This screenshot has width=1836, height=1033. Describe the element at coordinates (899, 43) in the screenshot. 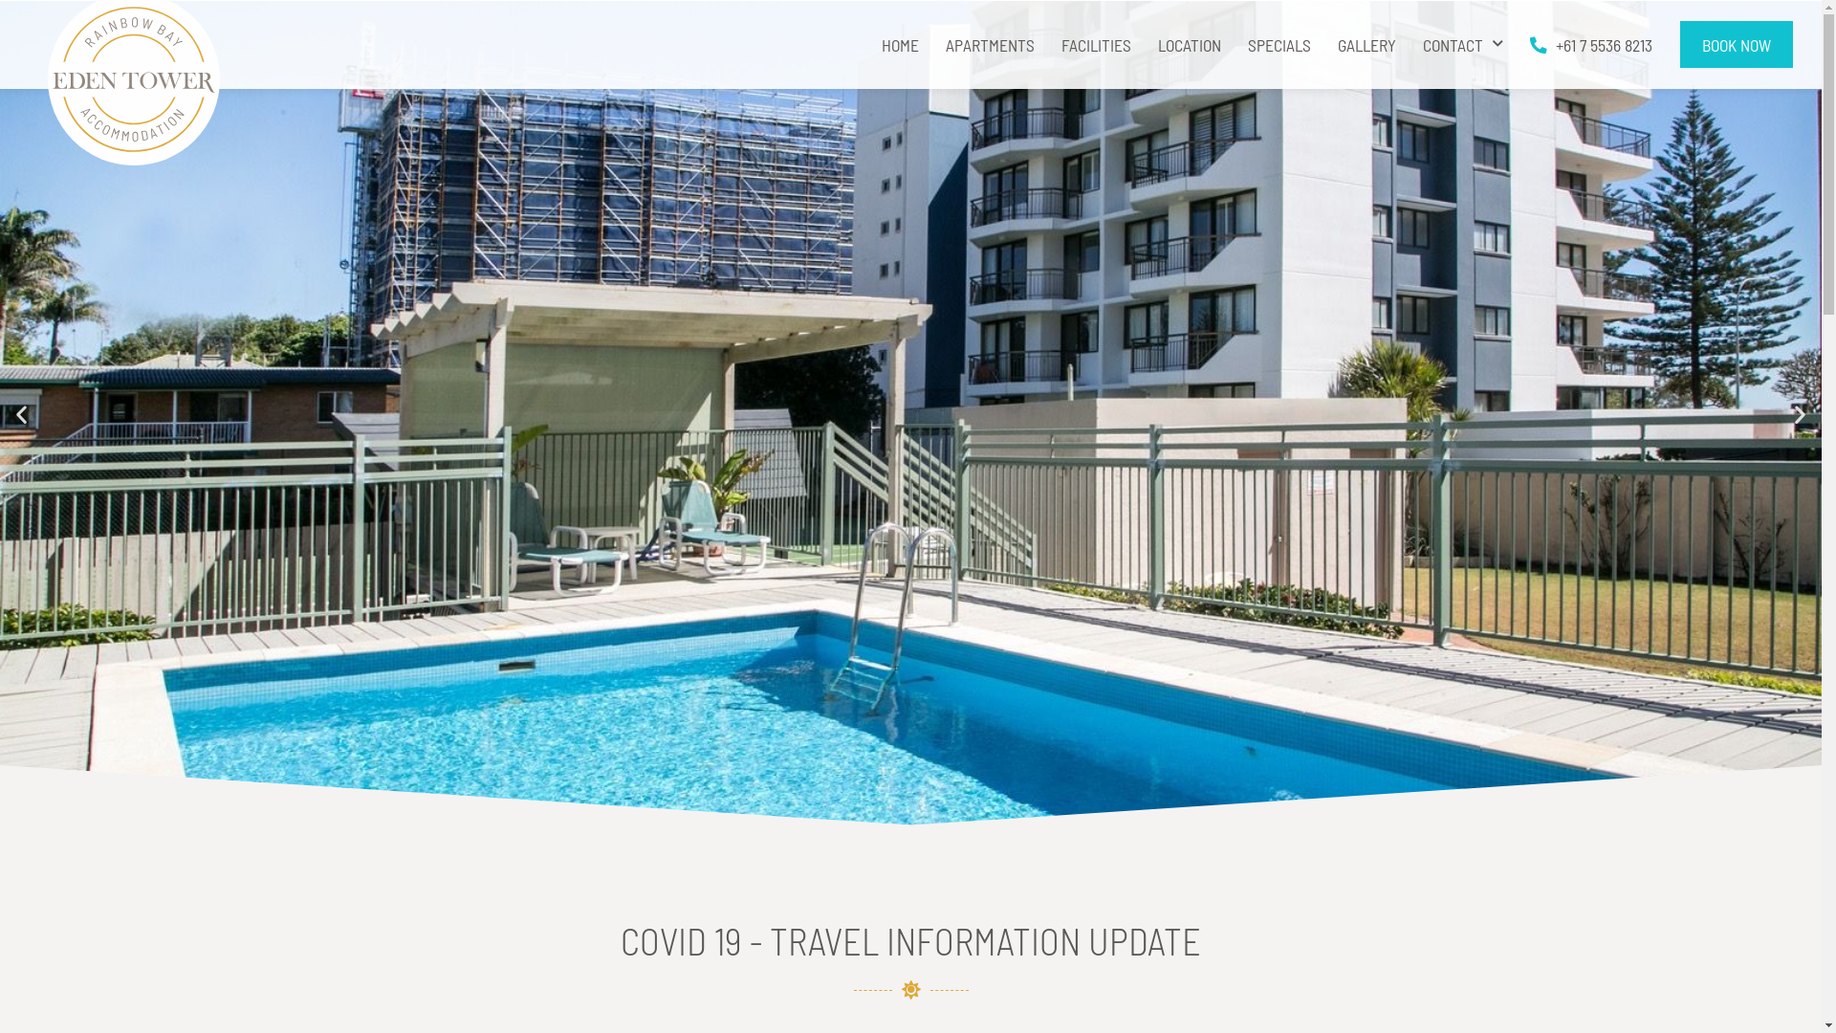

I see `'HOME'` at that location.